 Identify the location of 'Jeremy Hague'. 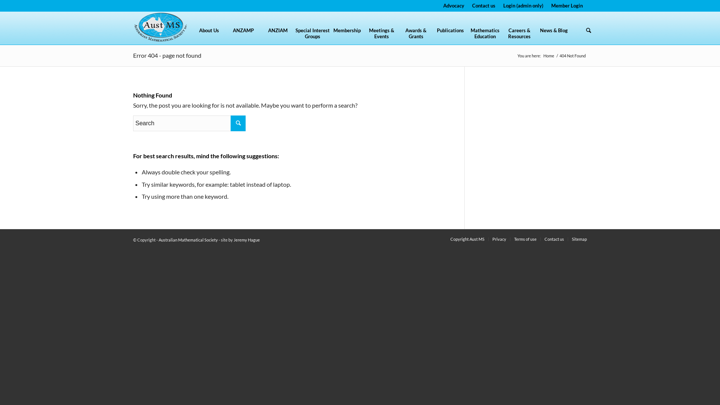
(246, 240).